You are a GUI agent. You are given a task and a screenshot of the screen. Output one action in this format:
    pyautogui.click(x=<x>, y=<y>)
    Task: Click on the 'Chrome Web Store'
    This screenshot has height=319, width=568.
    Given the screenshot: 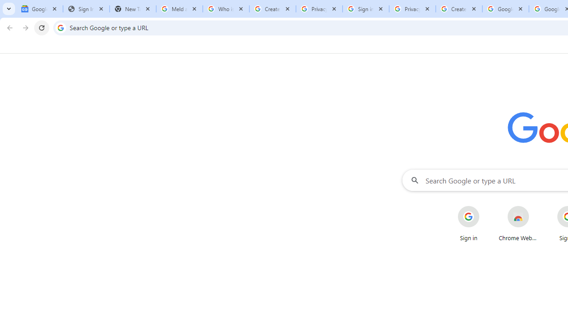 What is the action you would take?
    pyautogui.click(x=518, y=223)
    